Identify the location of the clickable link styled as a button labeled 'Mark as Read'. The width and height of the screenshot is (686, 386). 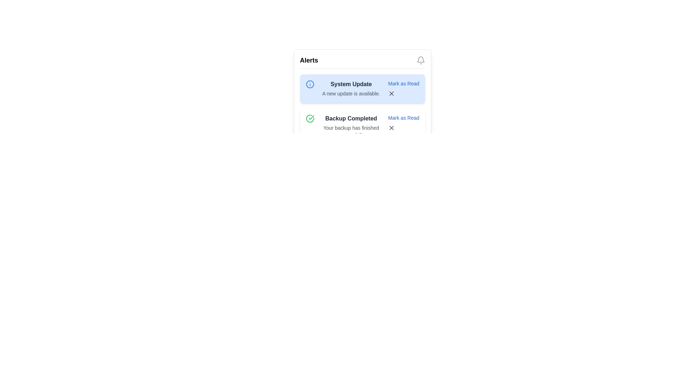
(403, 88).